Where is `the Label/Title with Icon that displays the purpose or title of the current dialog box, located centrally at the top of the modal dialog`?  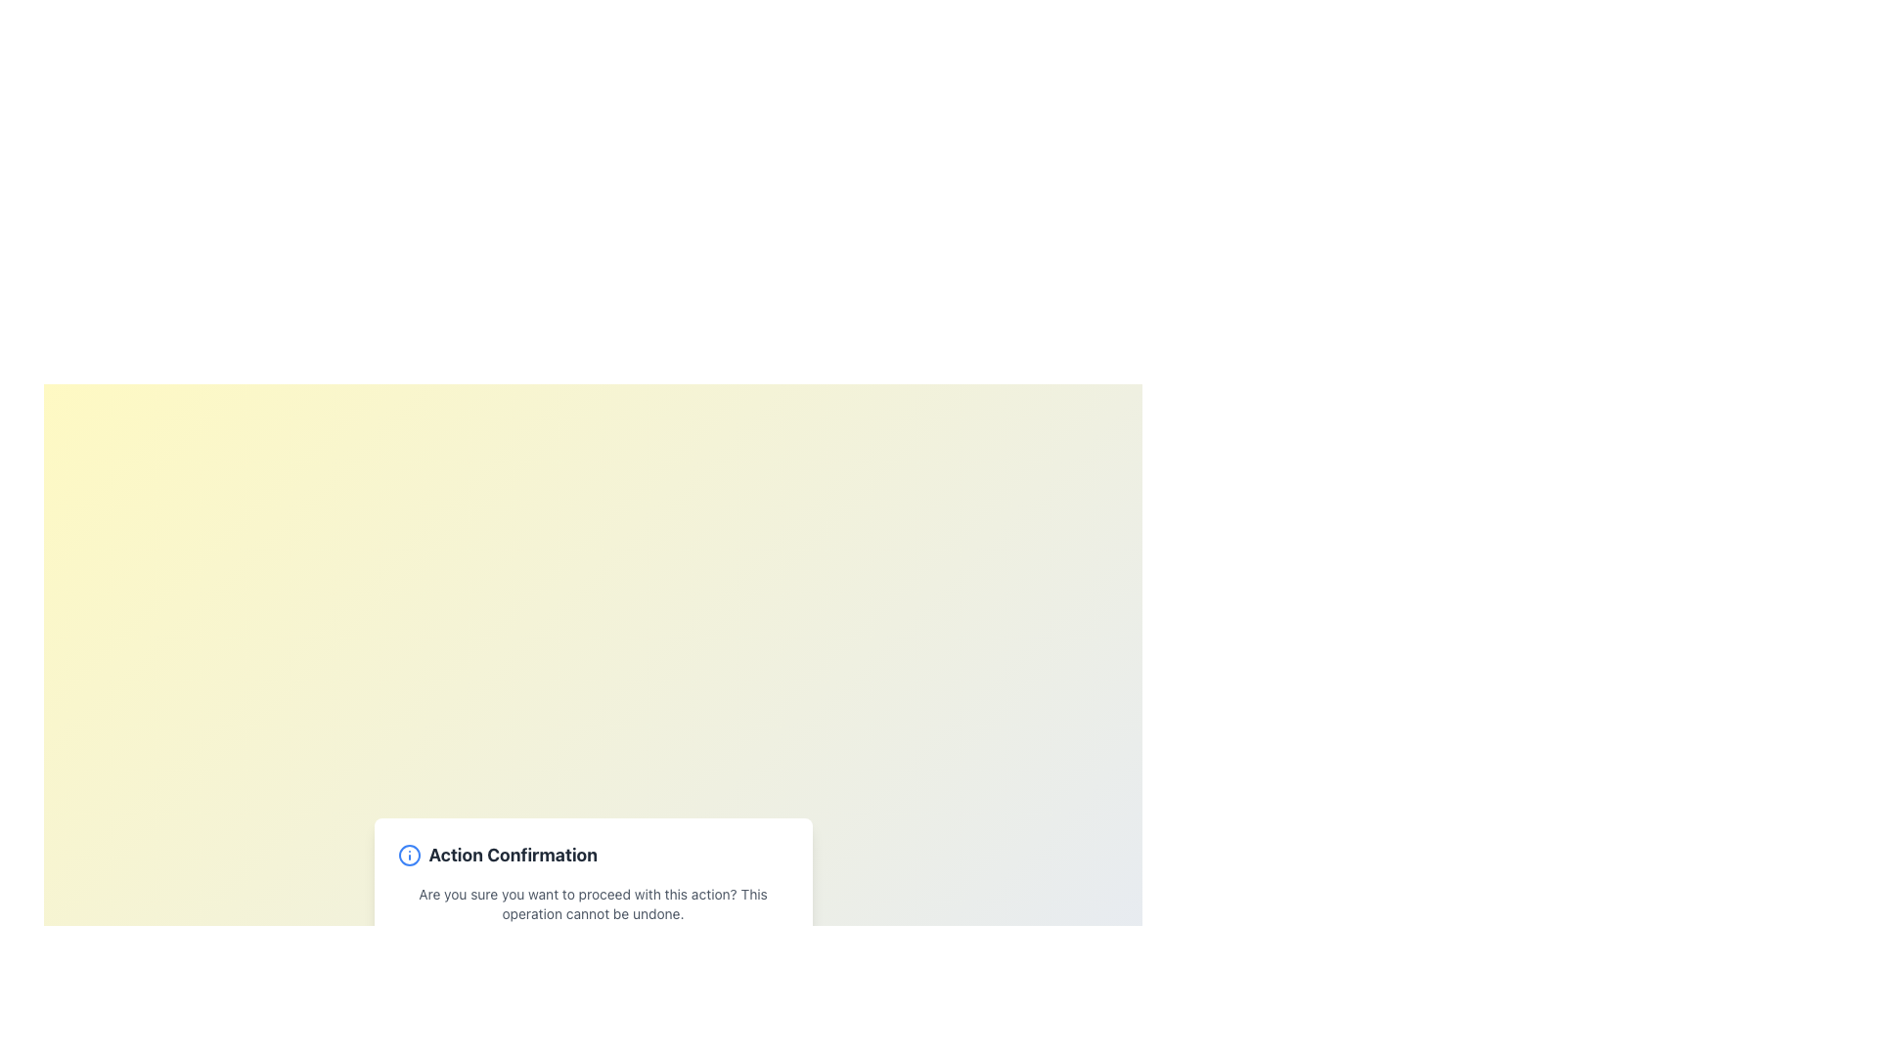 the Label/Title with Icon that displays the purpose or title of the current dialog box, located centrally at the top of the modal dialog is located at coordinates (592, 855).